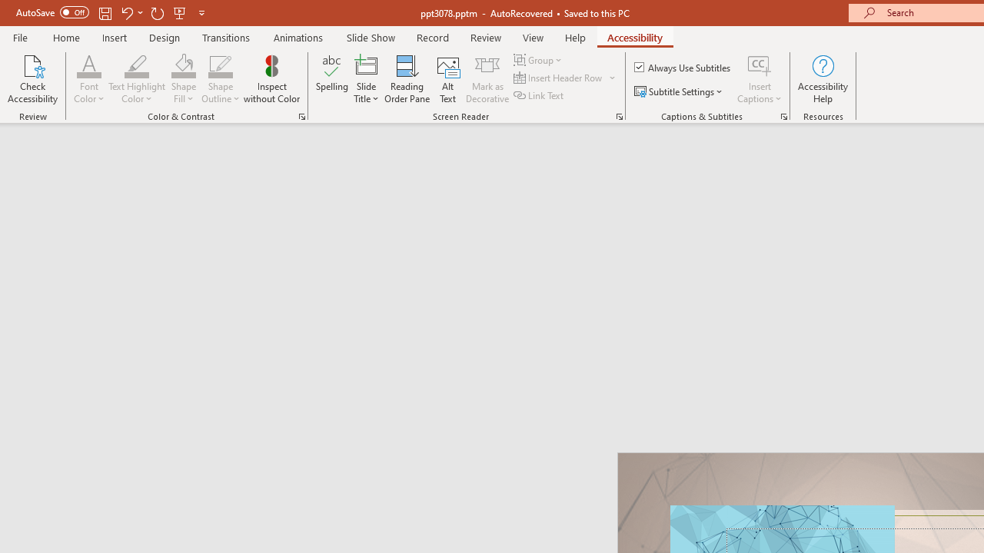 Image resolution: width=984 pixels, height=553 pixels. I want to click on 'Spelling...', so click(331, 79).